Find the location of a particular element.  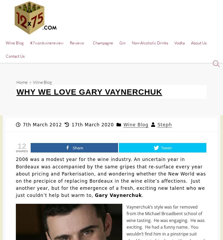

'2006 was a modest year for the wine industry. An uncertain year in Bordeaux was accompanied by the same gripes that re-surface every year about pricing and Parkerisation, and wondering whether the New World was on the precipice of replacing Bordeaux in the wine elite’s affections.  Just another year, but for the emergence of a fresh, exciting new talent who we just couldn’t help but warm to,' is located at coordinates (111, 177).